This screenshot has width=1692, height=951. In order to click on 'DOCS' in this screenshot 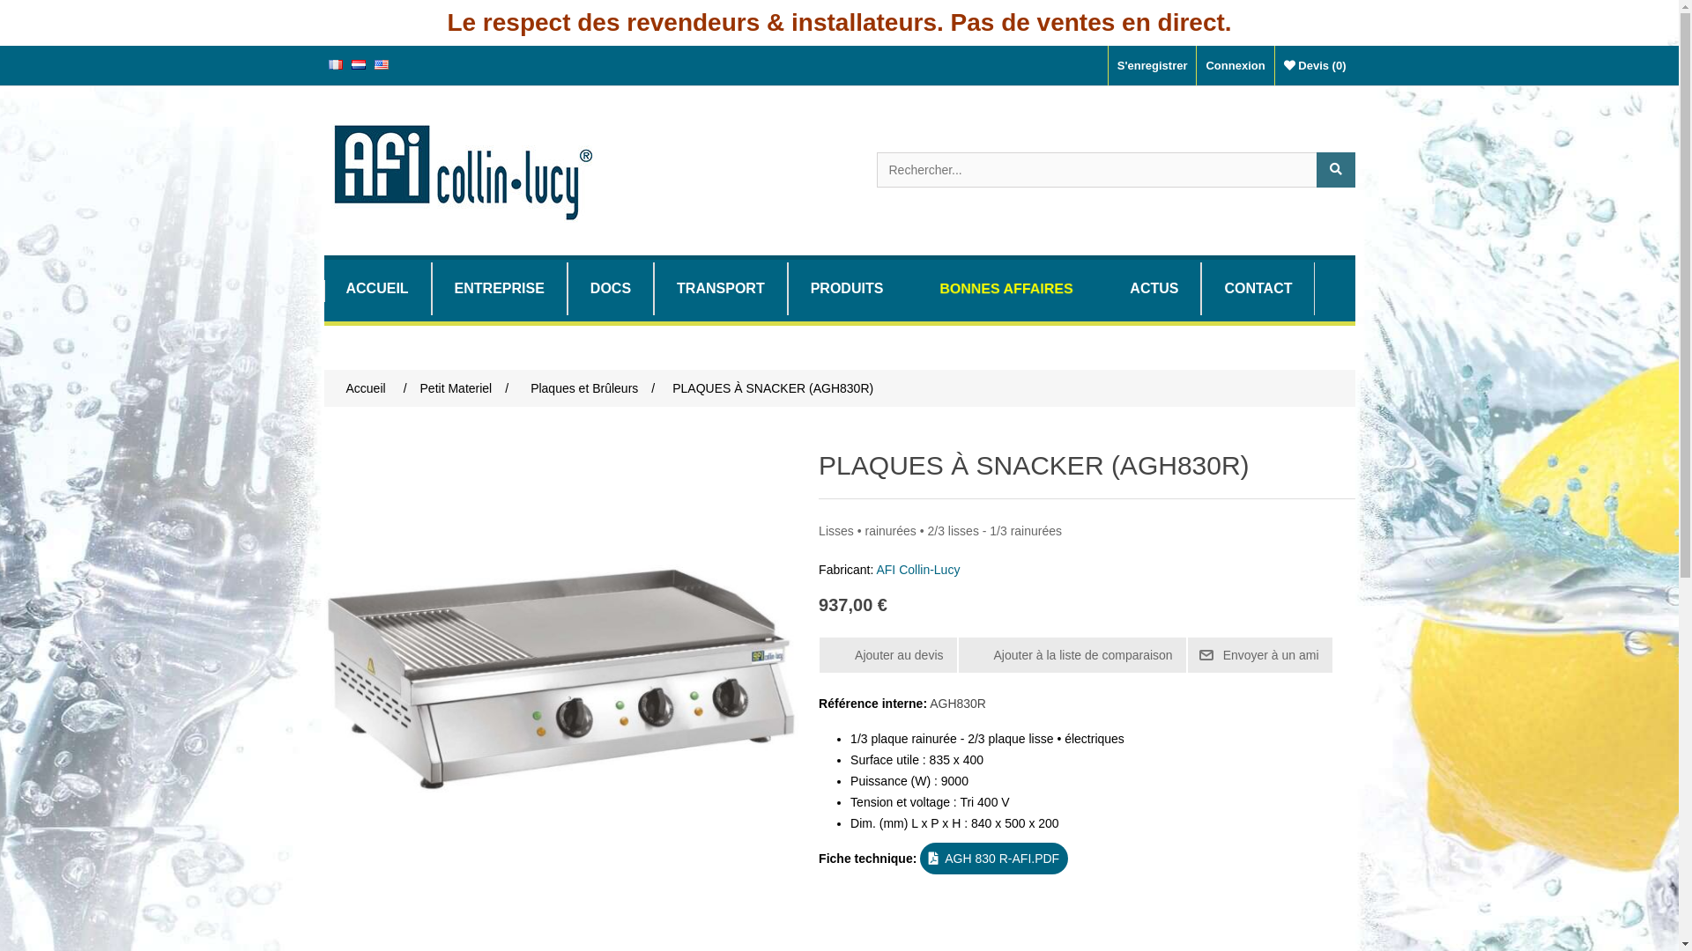, I will do `click(610, 287)`.